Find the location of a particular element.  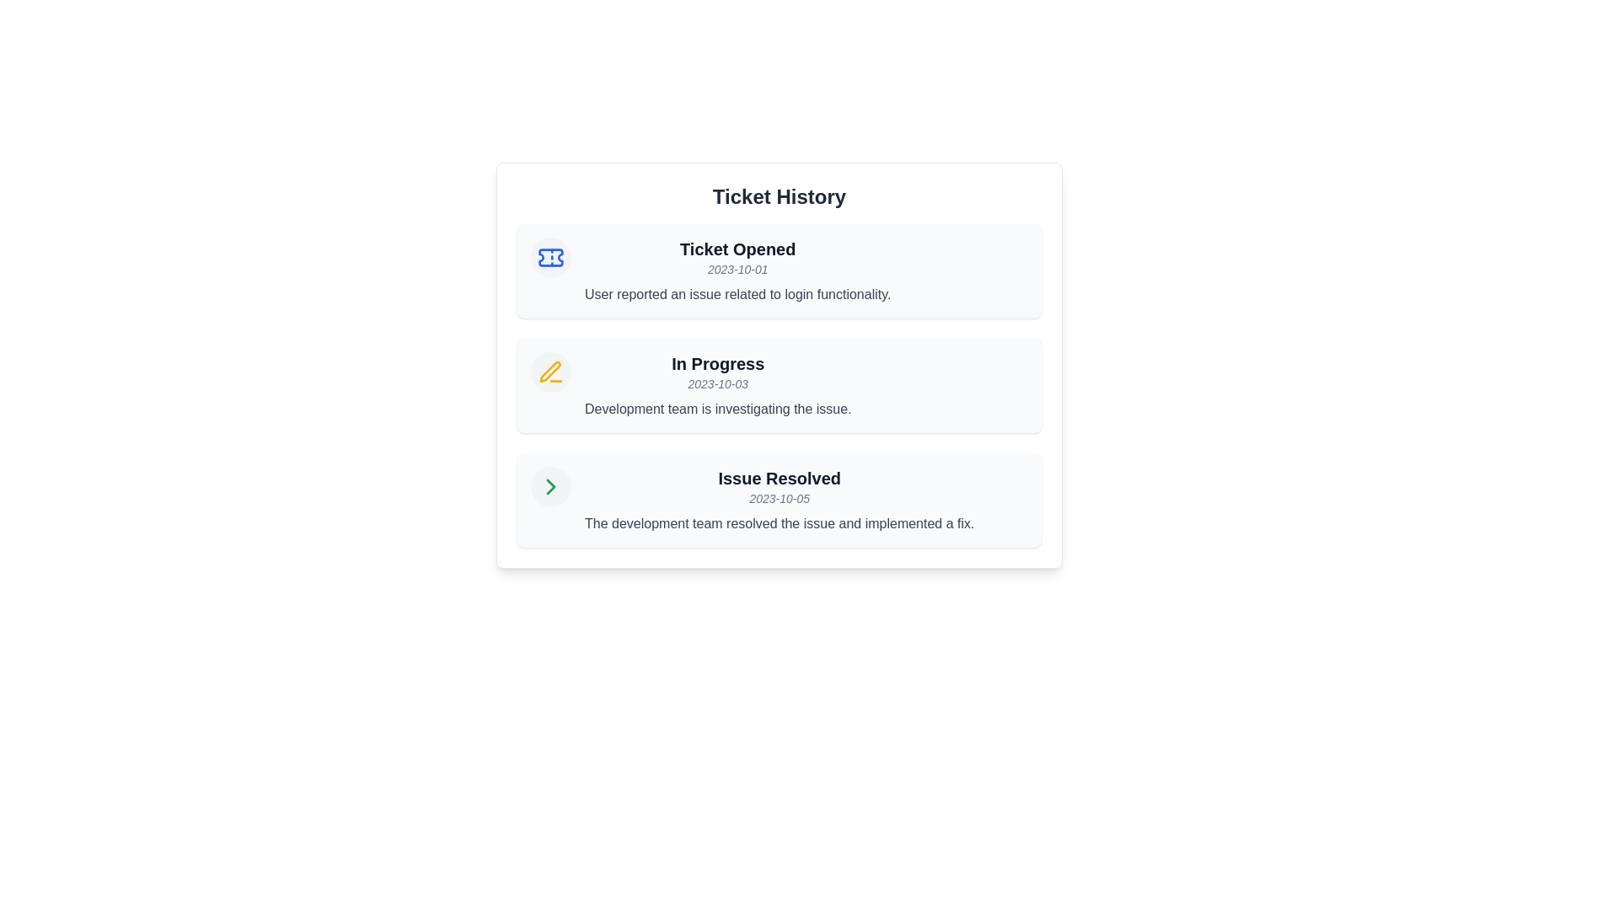

the ticket icon located to the left of the 'Ticket Opened' text in the Ticket History interface is located at coordinates (550, 257).